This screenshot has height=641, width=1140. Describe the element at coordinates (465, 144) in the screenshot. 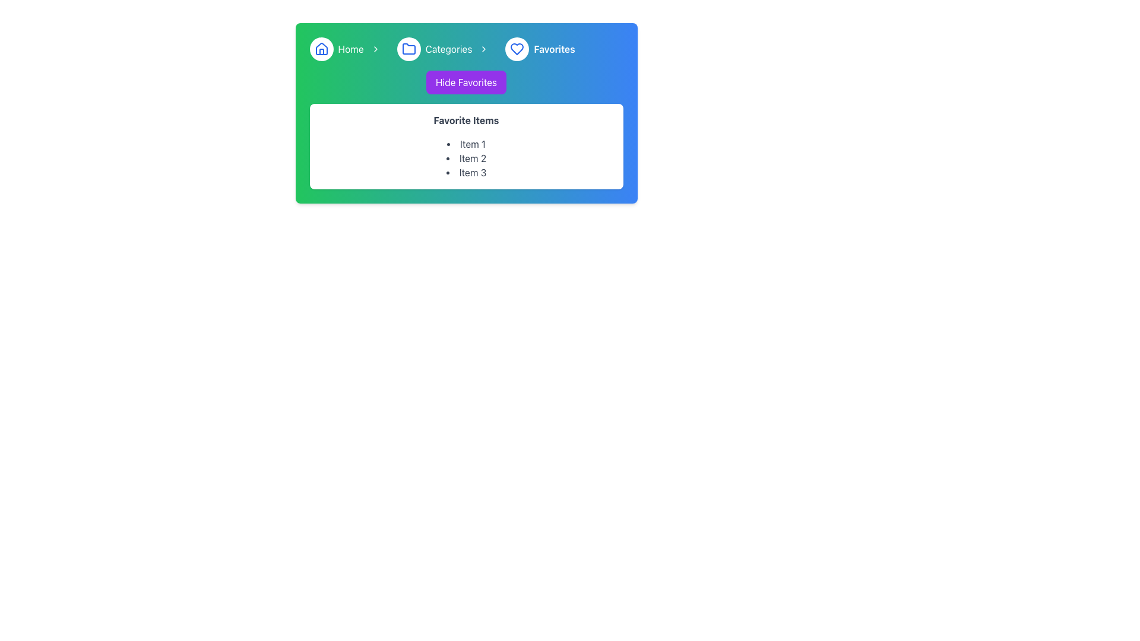

I see `text item labeled 'Item 1' in the bulleted list contained within the 'Favorite Items' box` at that location.